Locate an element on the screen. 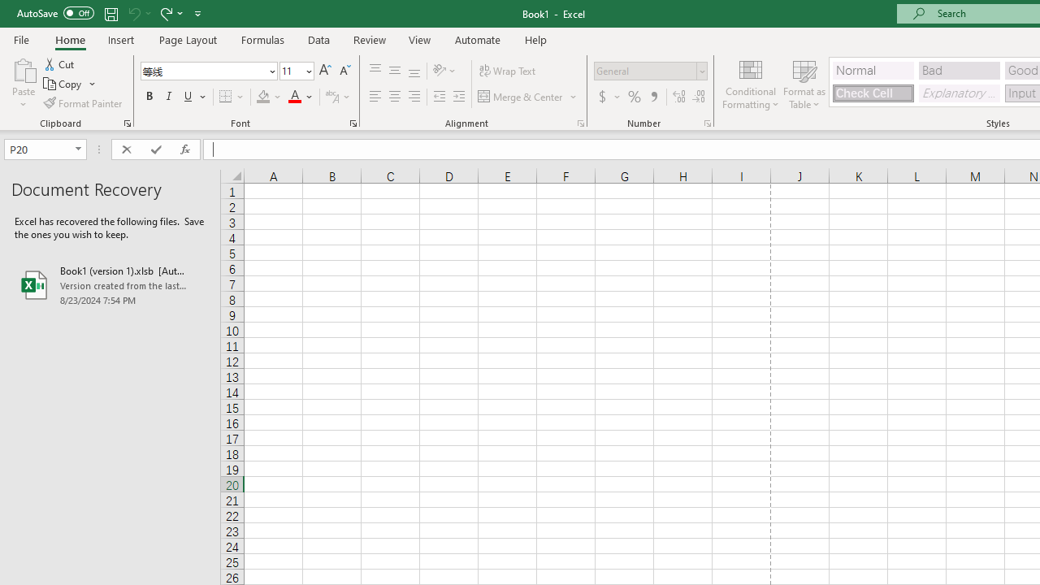 The width and height of the screenshot is (1040, 585). 'Format Cell Font' is located at coordinates (353, 122).